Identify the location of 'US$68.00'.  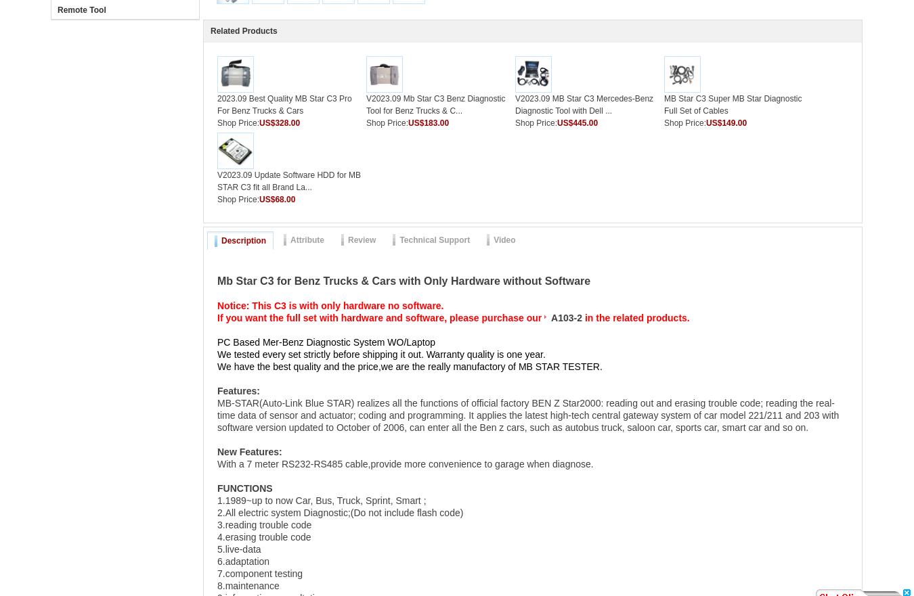
(277, 198).